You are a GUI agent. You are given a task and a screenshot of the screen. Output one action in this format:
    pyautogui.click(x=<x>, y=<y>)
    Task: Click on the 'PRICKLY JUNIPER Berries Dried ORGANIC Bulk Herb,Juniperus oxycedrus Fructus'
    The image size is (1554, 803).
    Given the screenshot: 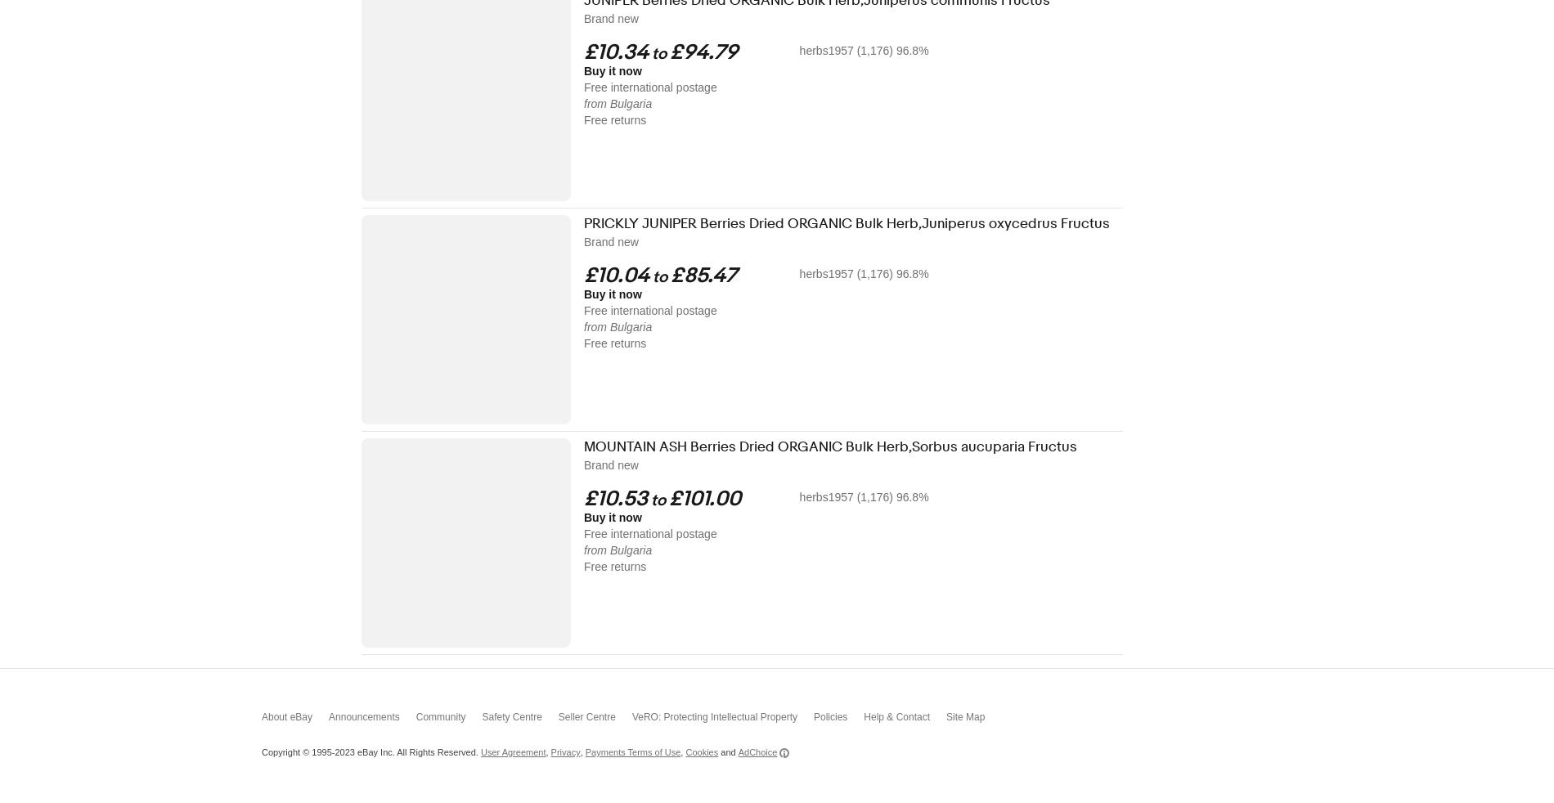 What is the action you would take?
    pyautogui.click(x=847, y=223)
    